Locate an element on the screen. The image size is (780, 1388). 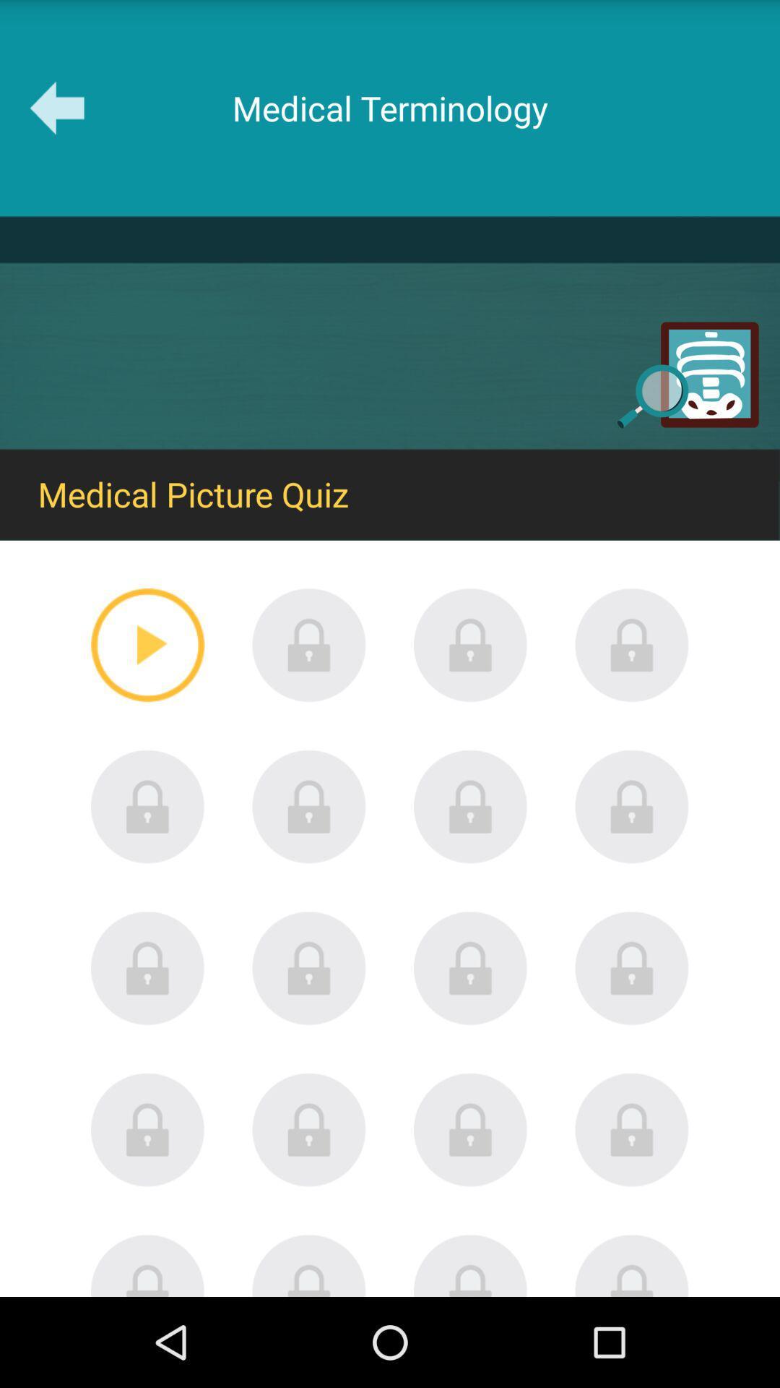
not accessible is located at coordinates (308, 644).